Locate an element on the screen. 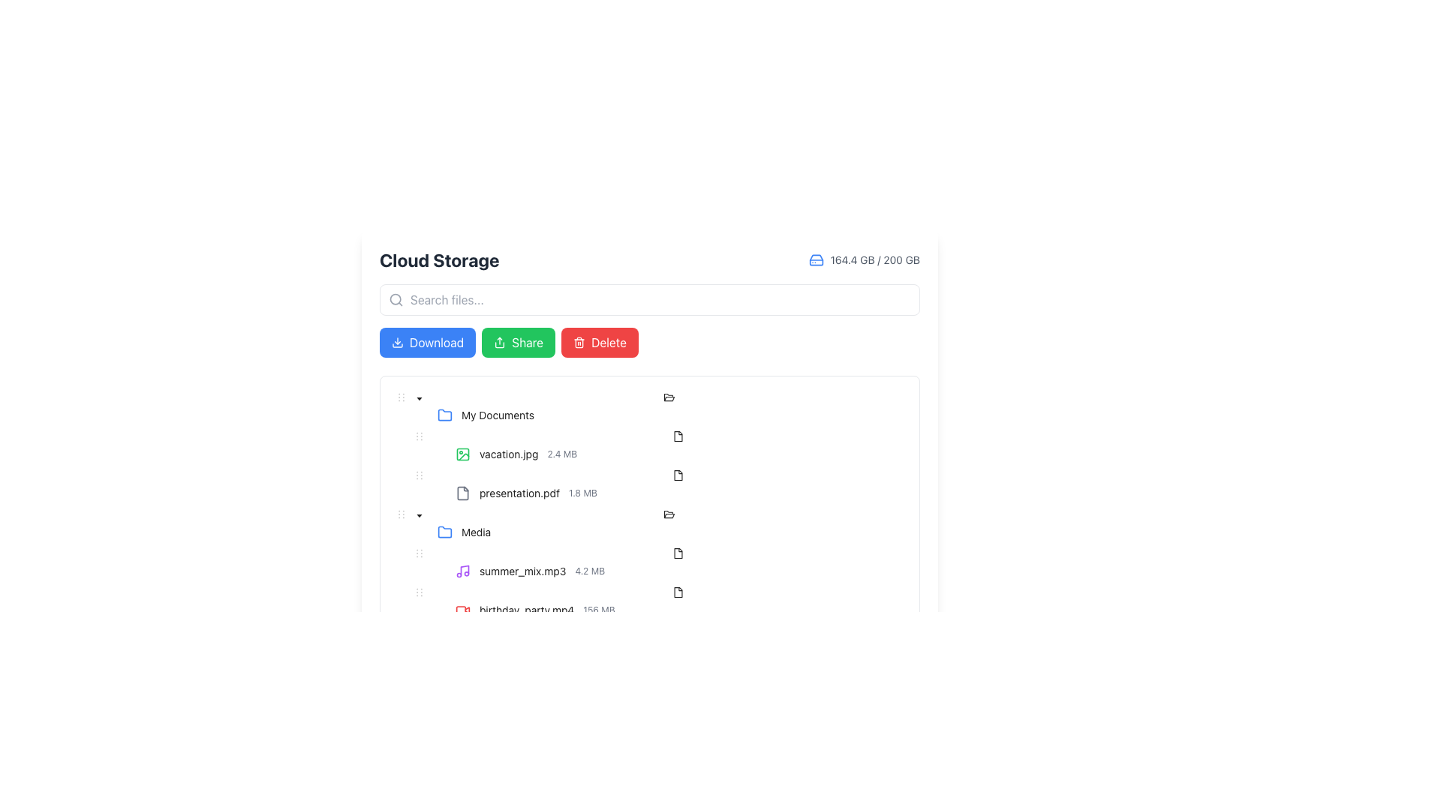 This screenshot has width=1441, height=810. the file list item for 'presentation.pdf' is located at coordinates (649, 484).